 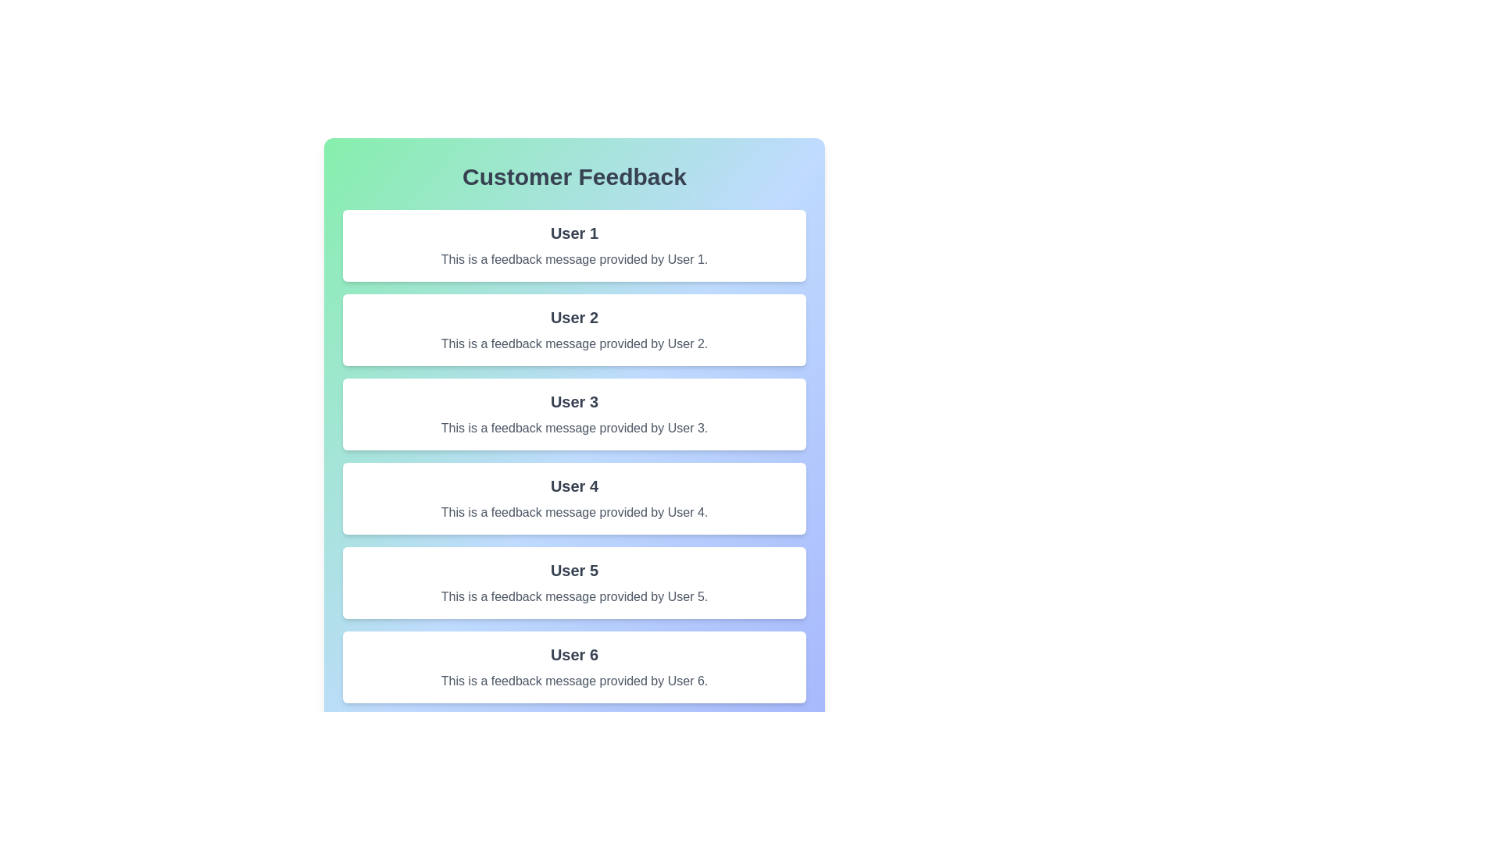 What do you see at coordinates (573, 512) in the screenshot?
I see `the static text element displaying the feedback message from 'User 4,' which is located in the fourth card below 'User 4.'` at bounding box center [573, 512].